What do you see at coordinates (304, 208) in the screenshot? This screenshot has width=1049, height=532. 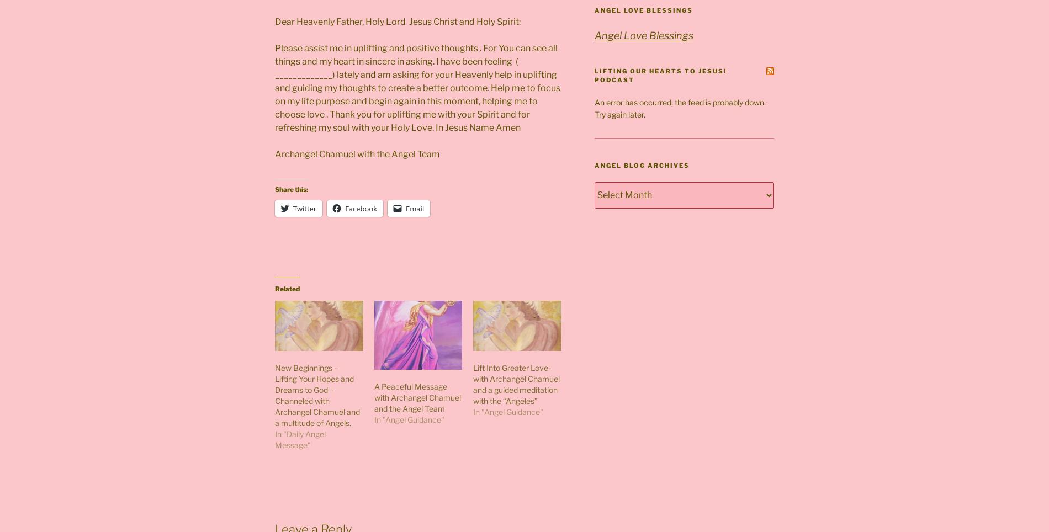 I see `'Twitter'` at bounding box center [304, 208].